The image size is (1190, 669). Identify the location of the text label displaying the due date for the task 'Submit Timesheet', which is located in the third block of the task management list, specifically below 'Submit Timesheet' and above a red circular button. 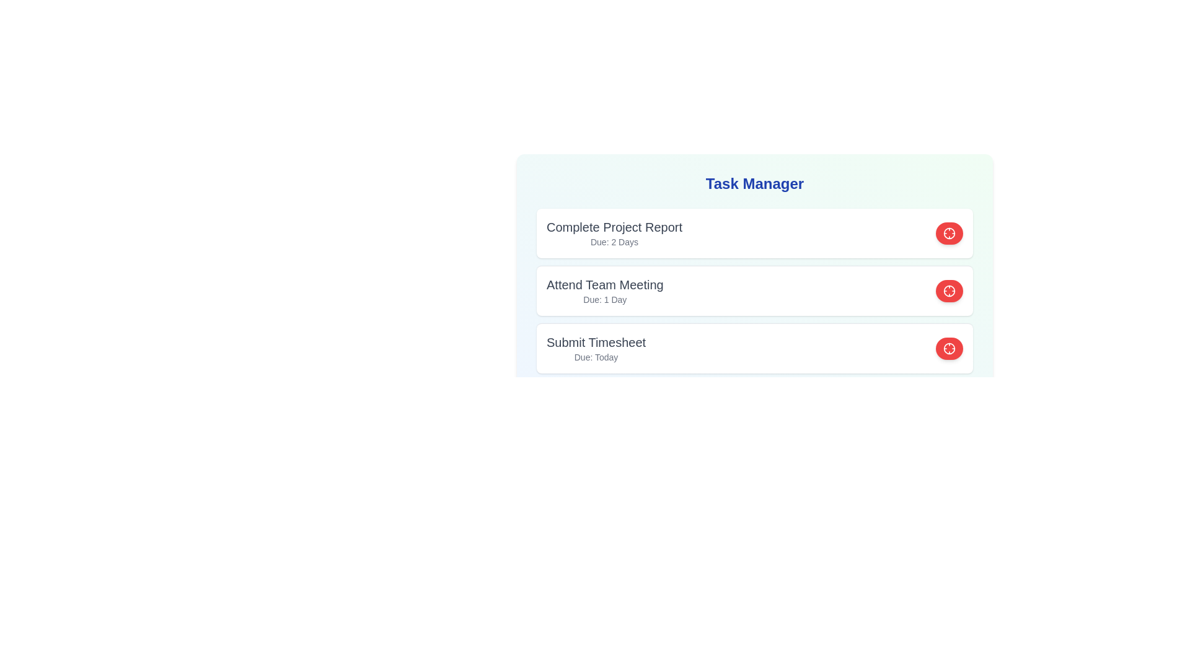
(596, 357).